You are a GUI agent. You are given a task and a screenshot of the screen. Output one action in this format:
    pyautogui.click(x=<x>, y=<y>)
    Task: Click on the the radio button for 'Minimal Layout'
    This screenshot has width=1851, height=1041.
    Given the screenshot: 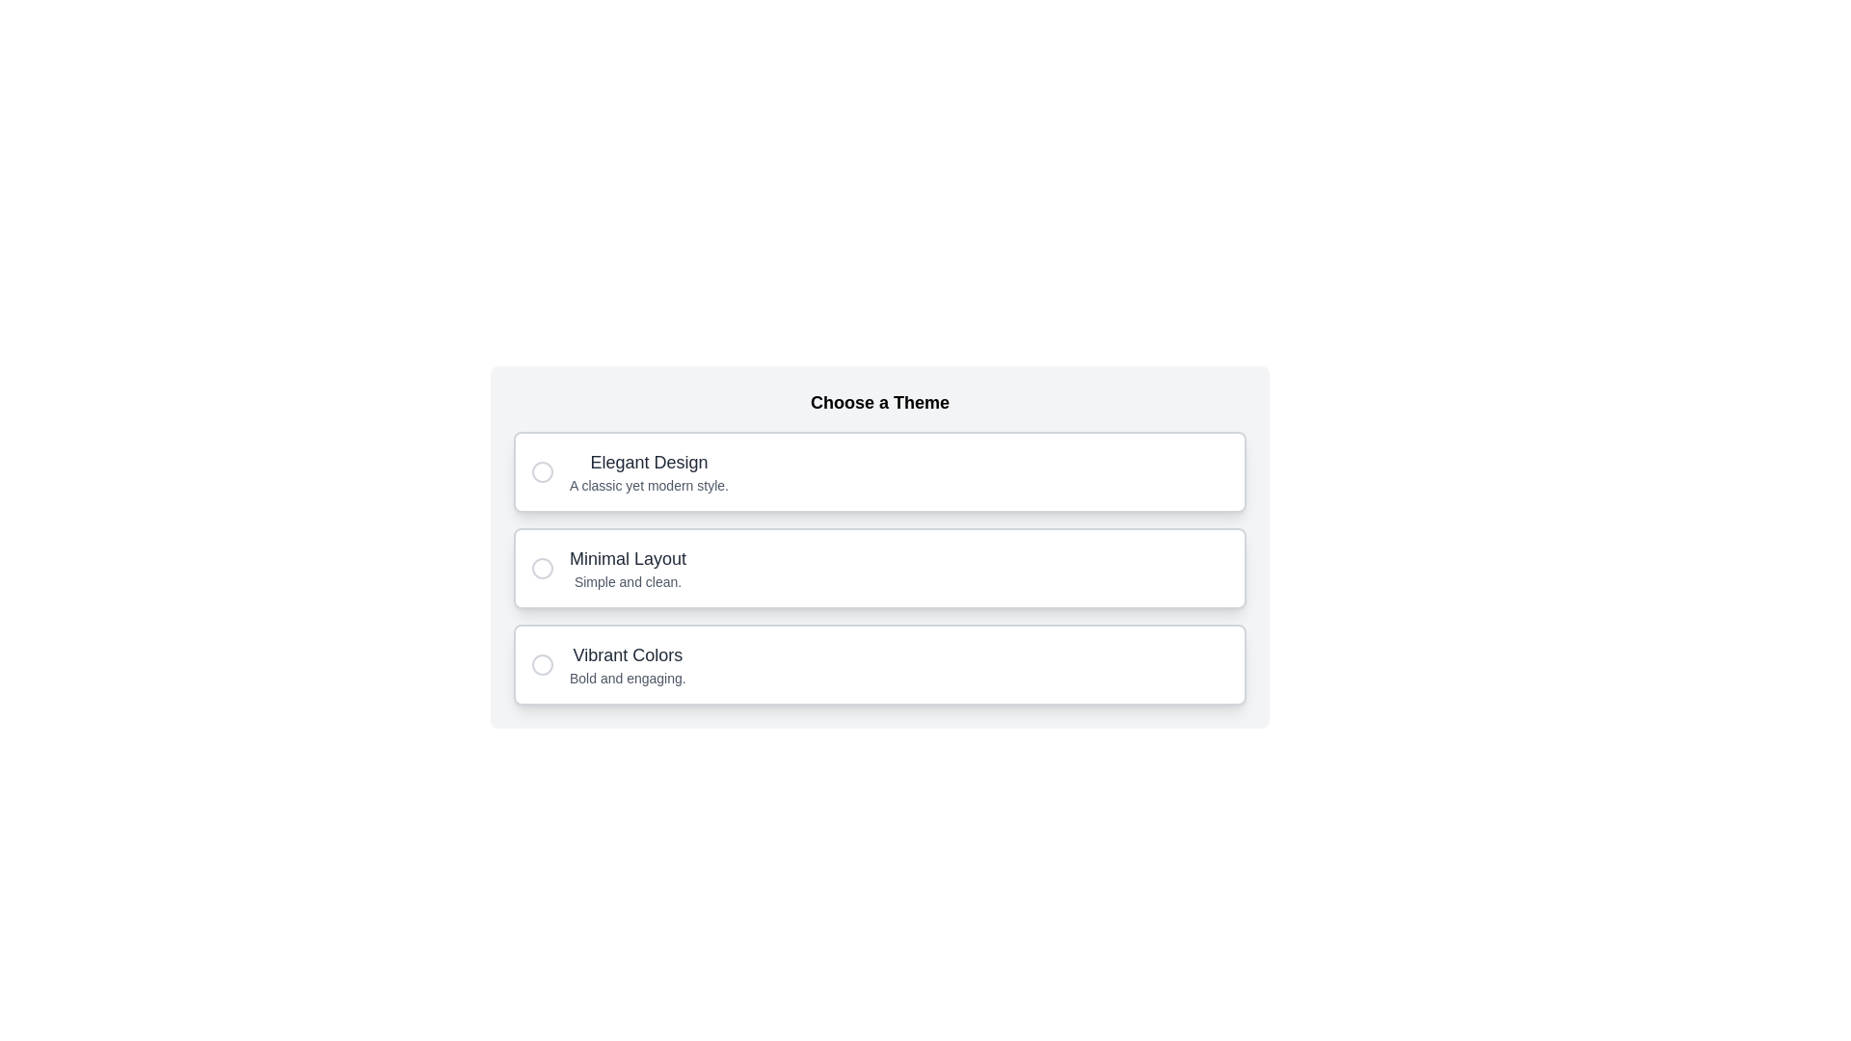 What is the action you would take?
    pyautogui.click(x=541, y=568)
    